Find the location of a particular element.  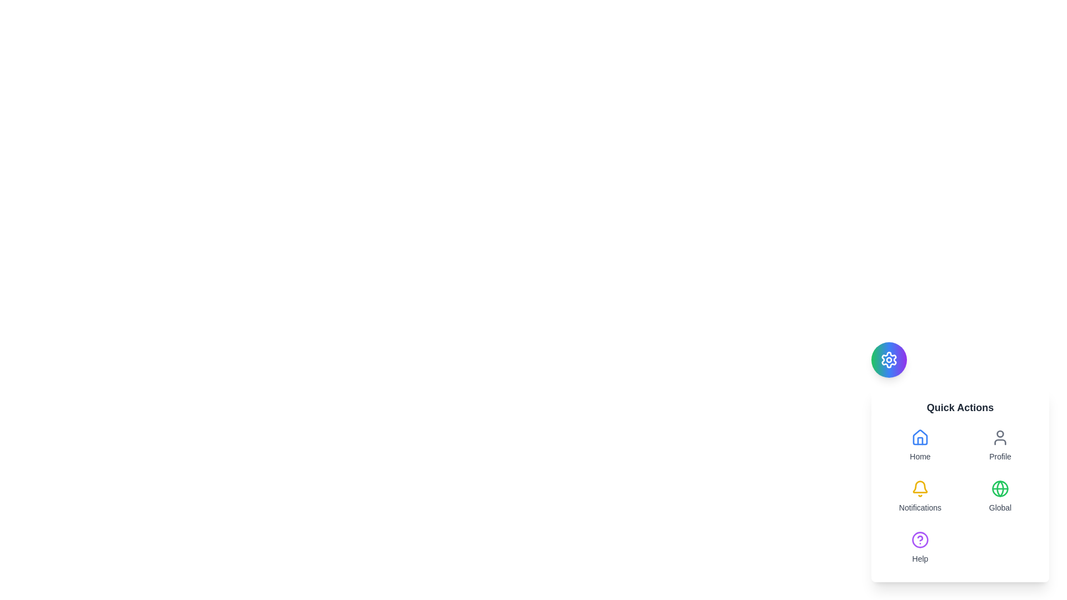

the Interactive Button labeled 'Help' located at the bottom of the grid structure is located at coordinates (920, 547).